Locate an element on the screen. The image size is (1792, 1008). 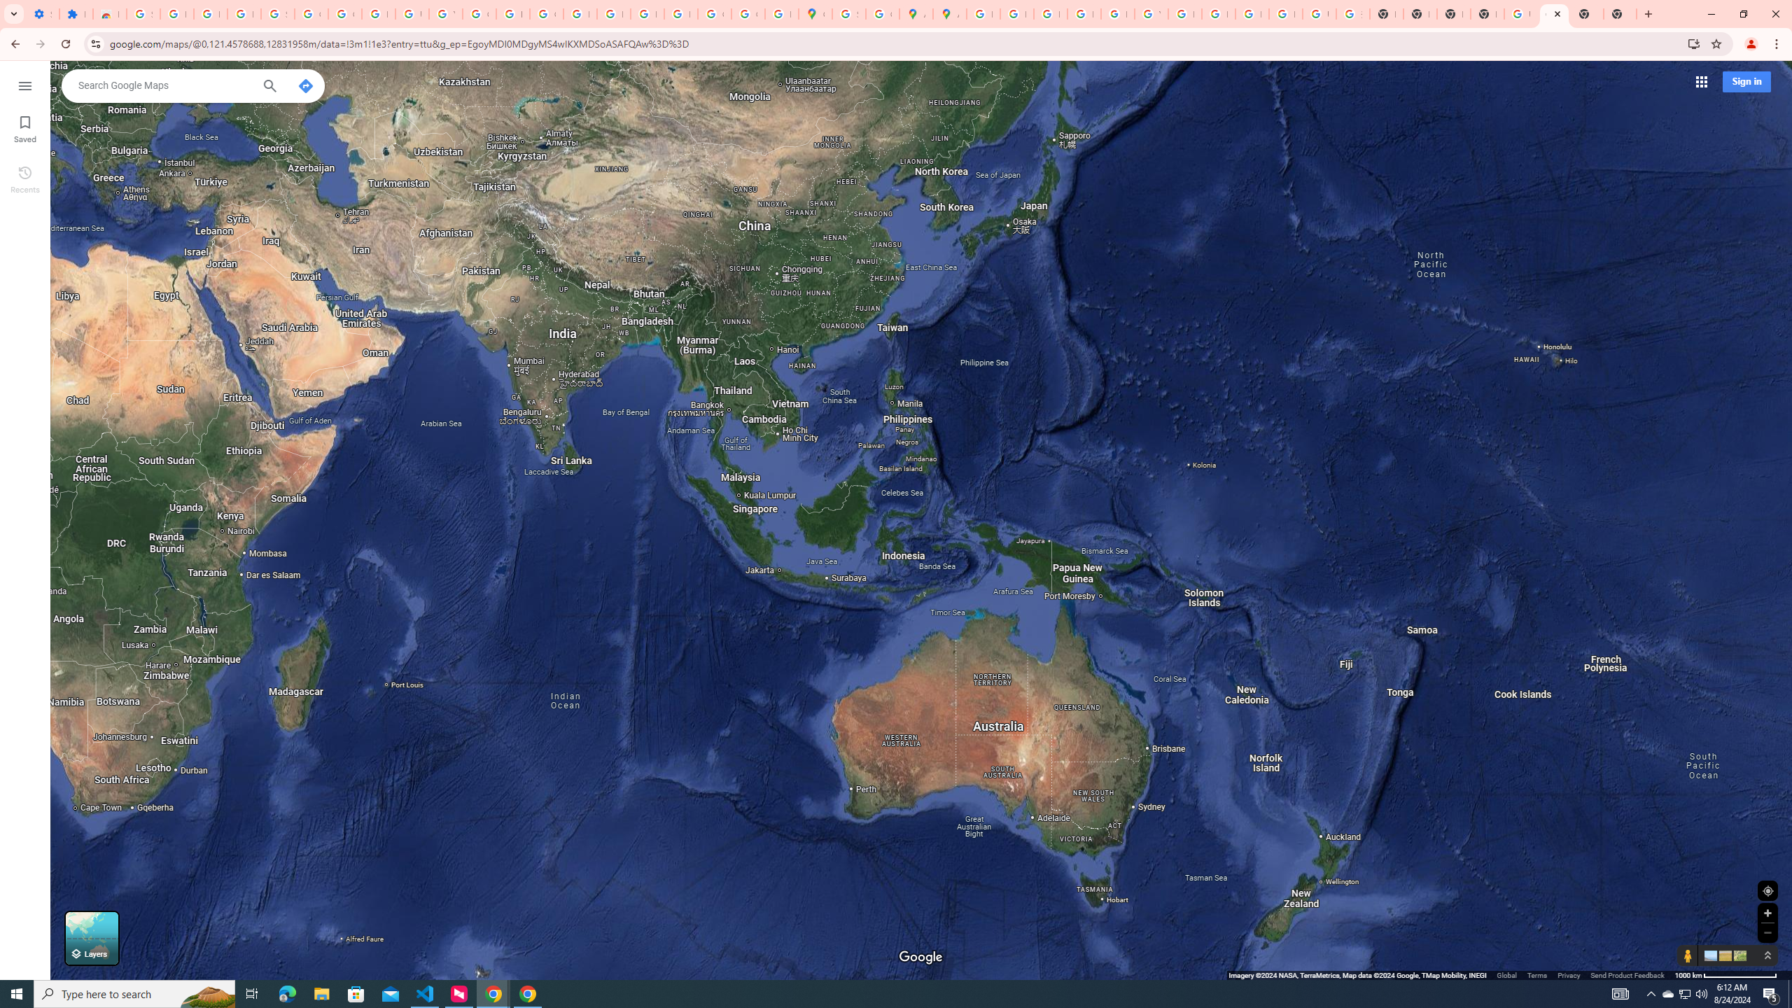
'Global' is located at coordinates (1506, 975).